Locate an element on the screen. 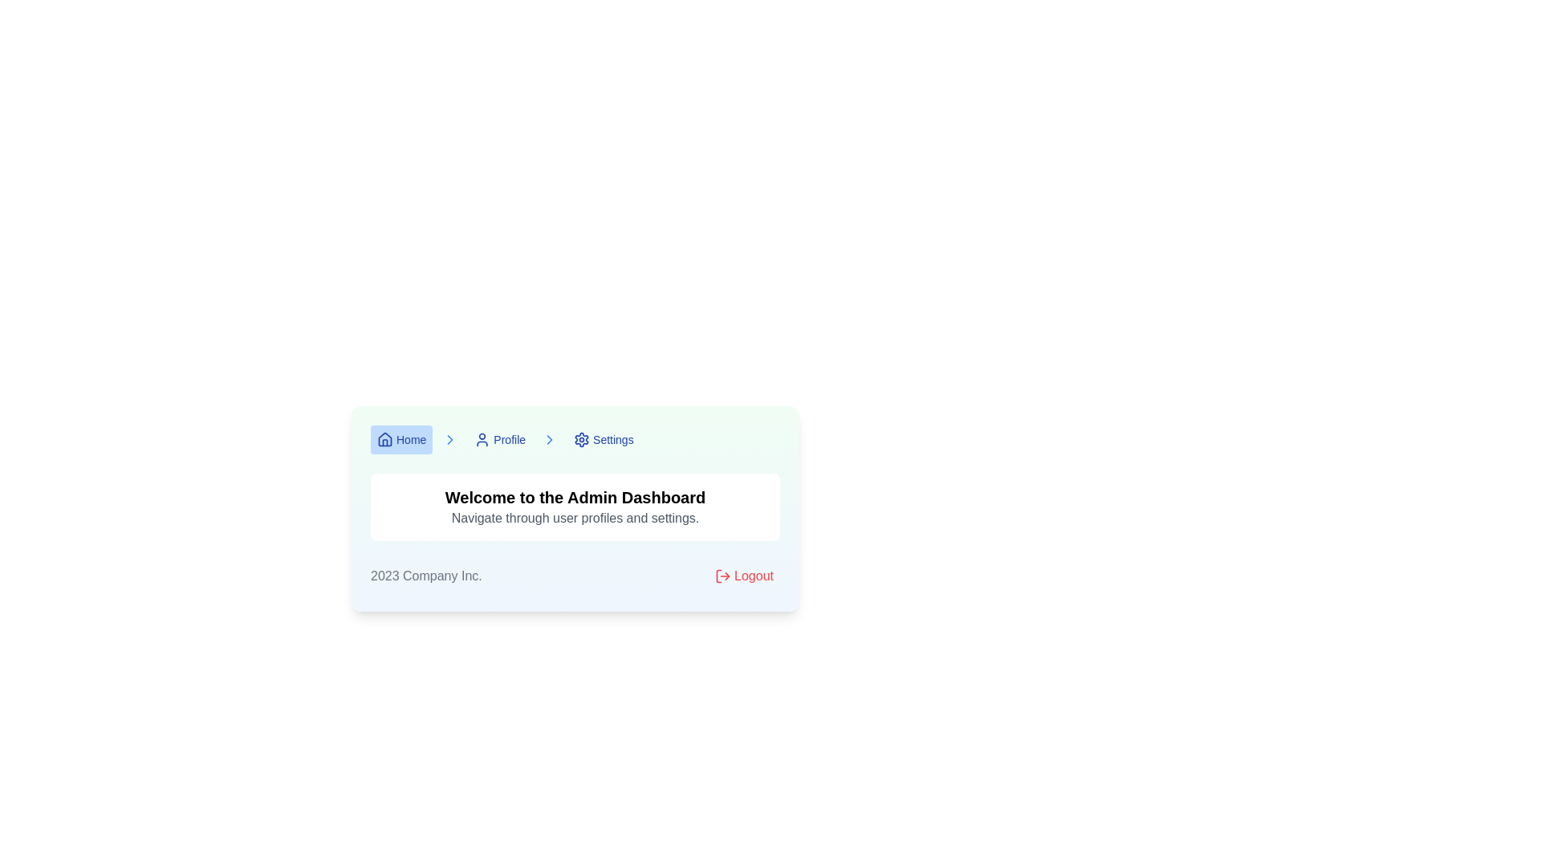 The image size is (1541, 867). the 'Settings' text label in the navigation bar is located at coordinates (612, 439).